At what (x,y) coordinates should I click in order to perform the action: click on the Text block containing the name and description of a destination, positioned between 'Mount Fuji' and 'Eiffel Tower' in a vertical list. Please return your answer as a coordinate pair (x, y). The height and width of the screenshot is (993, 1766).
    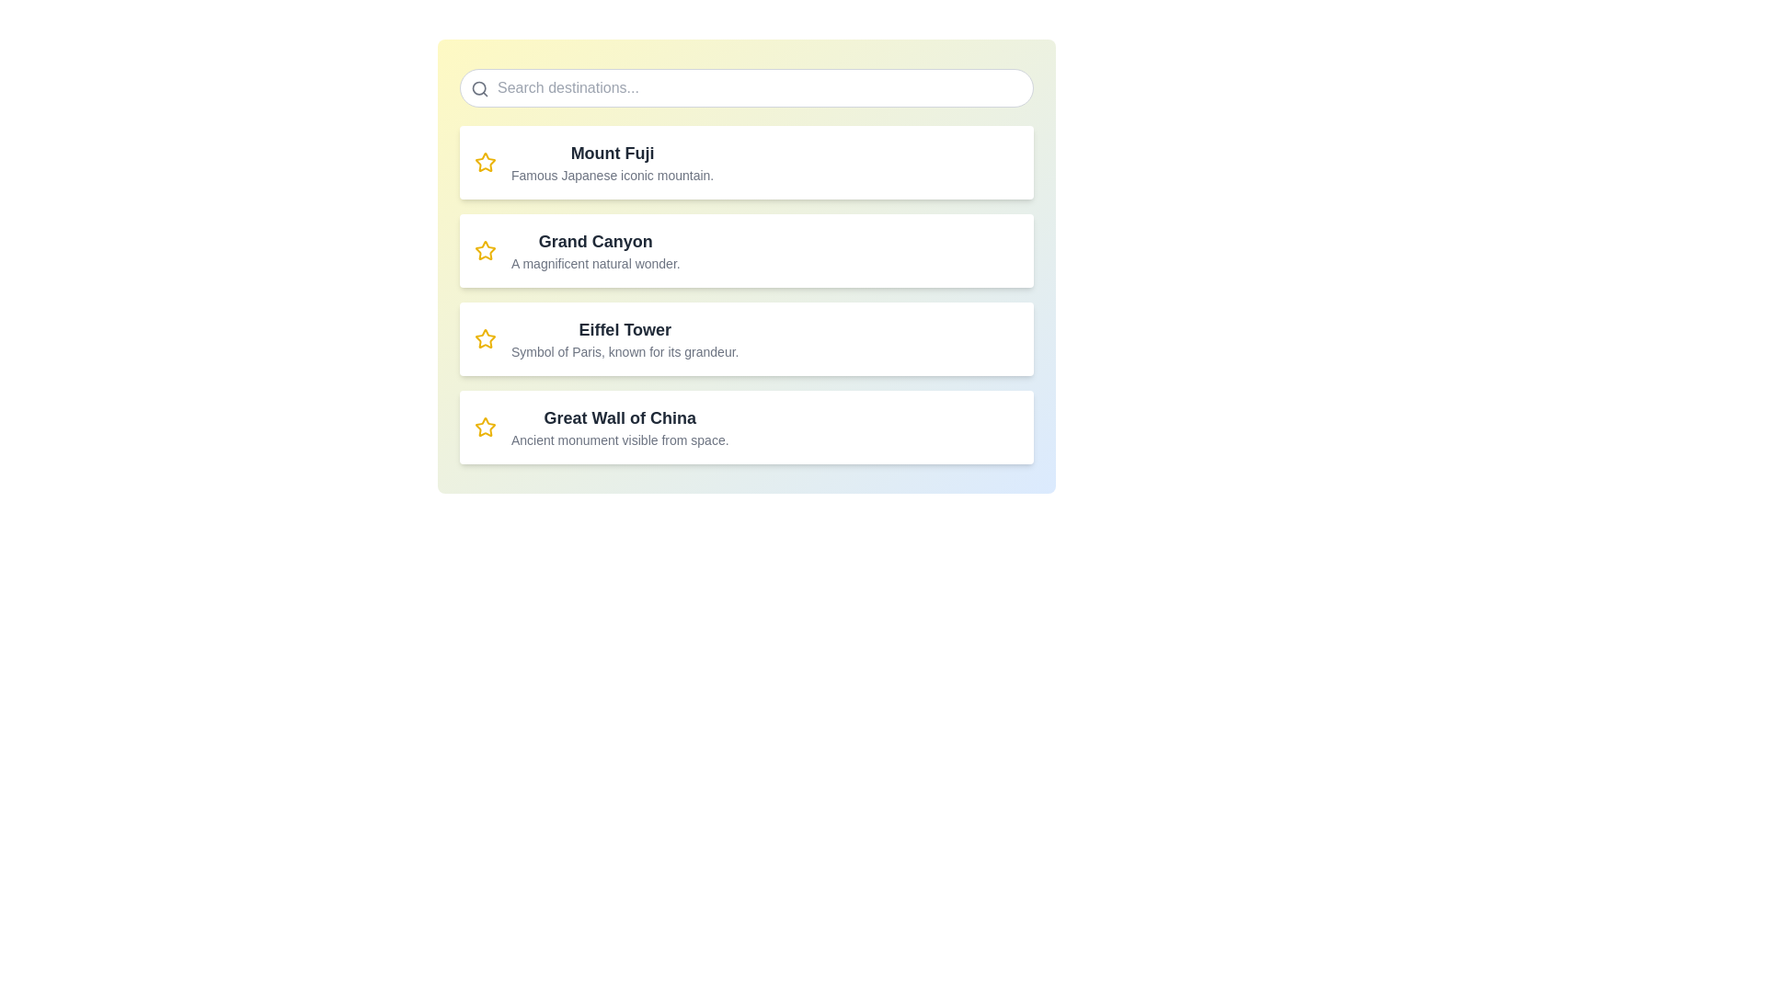
    Looking at the image, I should click on (595, 251).